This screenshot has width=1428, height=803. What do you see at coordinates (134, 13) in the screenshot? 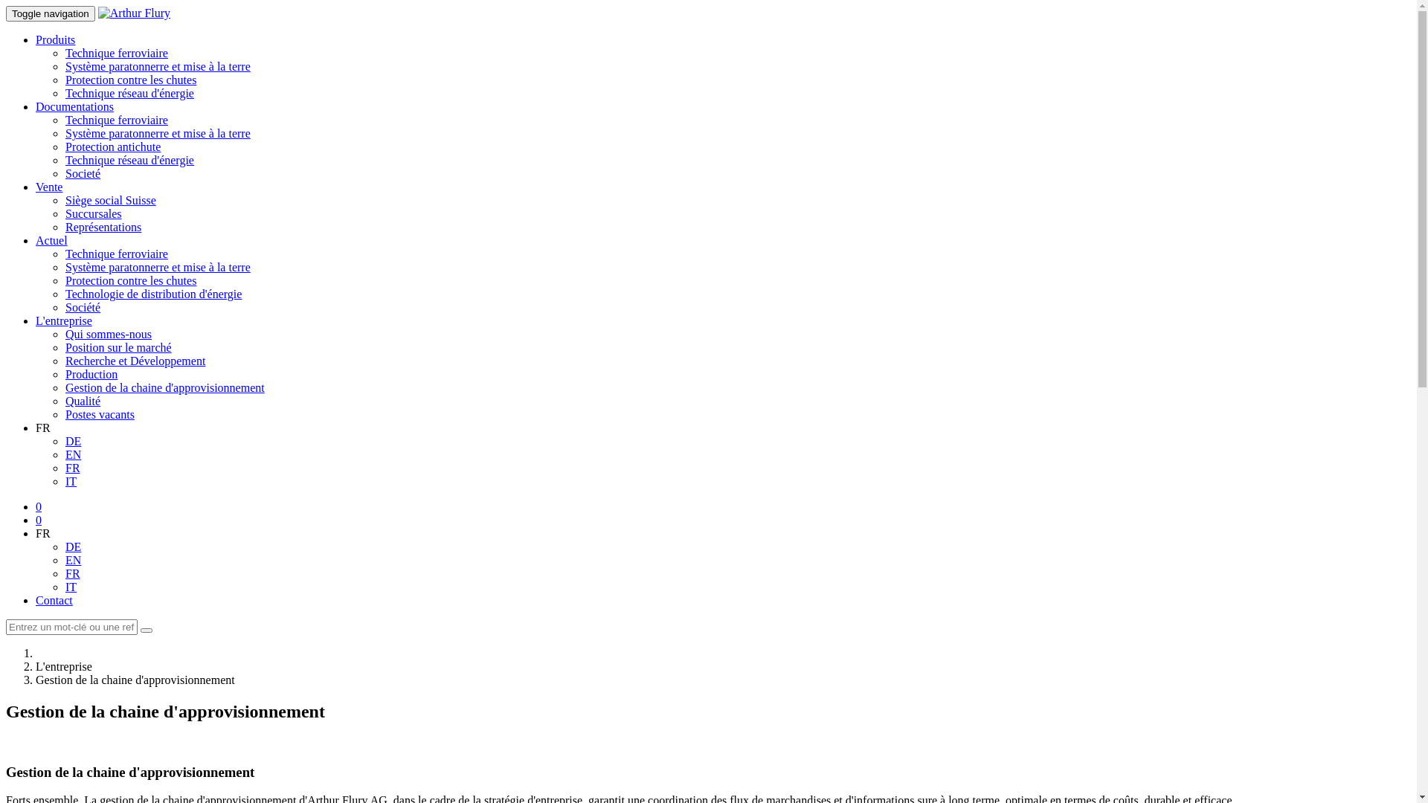
I see `'Arthur Flury'` at bounding box center [134, 13].